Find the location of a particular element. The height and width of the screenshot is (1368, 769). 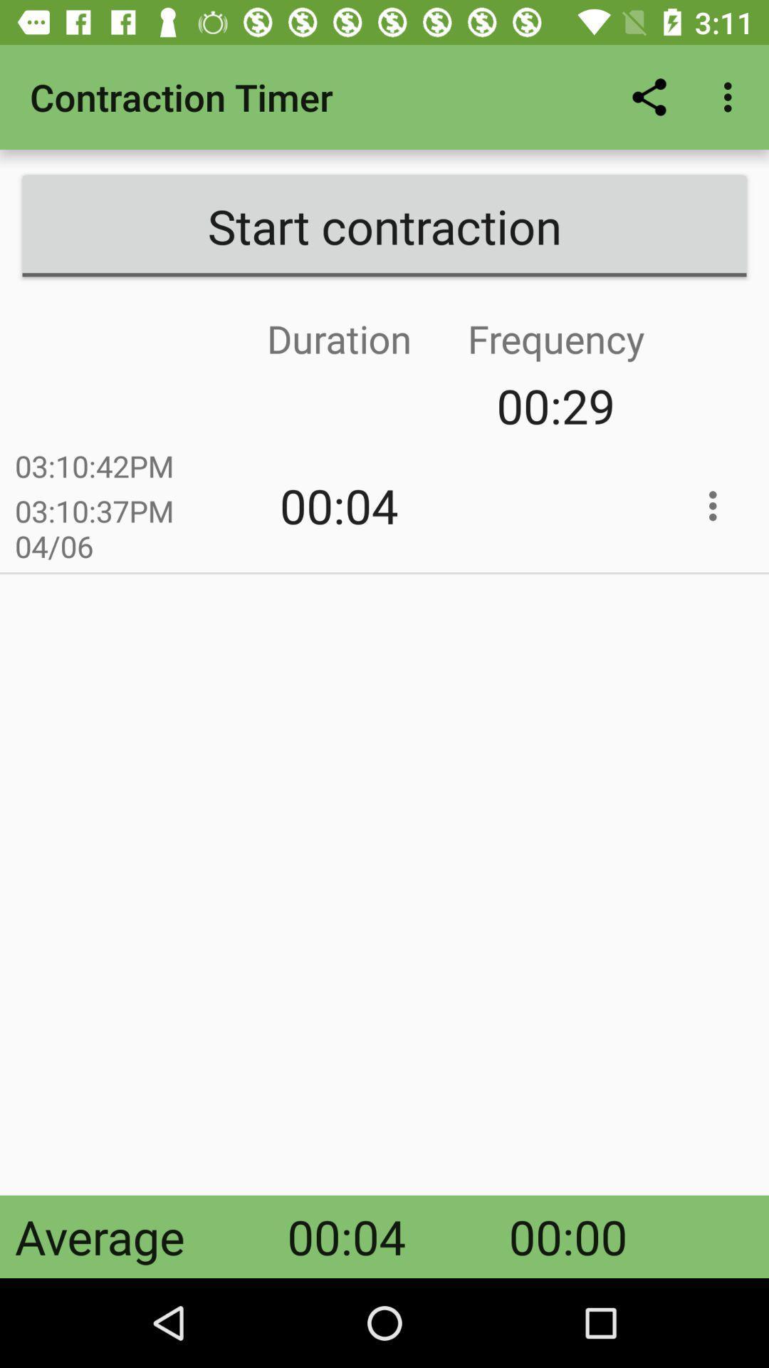

the app to the right of contraction timer item is located at coordinates (649, 96).